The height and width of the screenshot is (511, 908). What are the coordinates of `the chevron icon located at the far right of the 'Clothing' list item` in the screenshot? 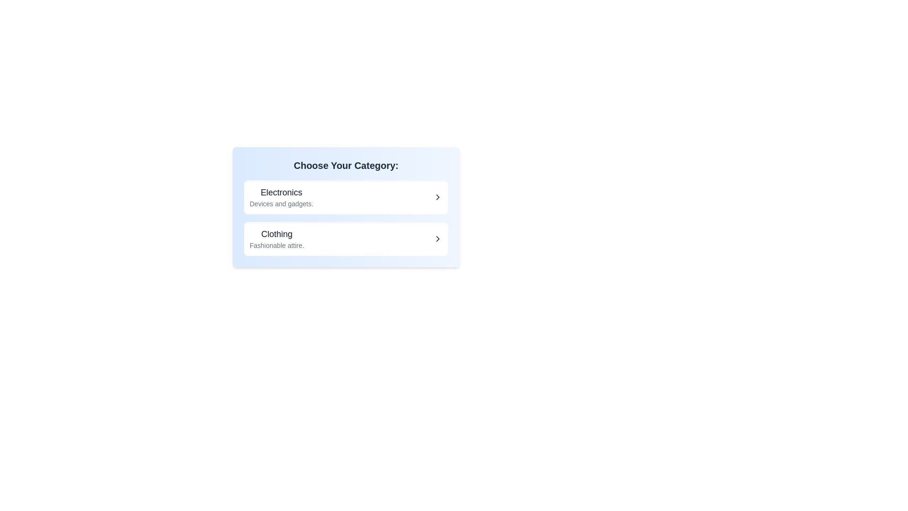 It's located at (437, 238).